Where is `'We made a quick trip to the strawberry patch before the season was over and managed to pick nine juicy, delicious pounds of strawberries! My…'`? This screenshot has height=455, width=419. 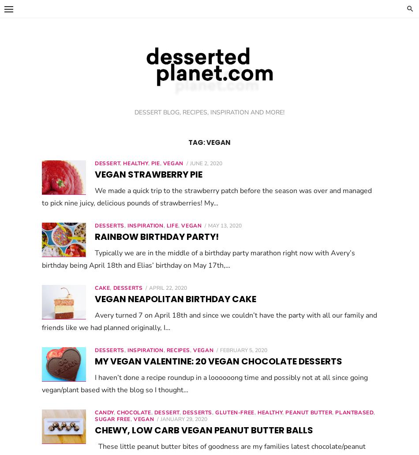 'We made a quick trip to the strawberry patch before the season was over and managed to pick nine juicy, delicious pounds of strawberries! My…' is located at coordinates (233, 196).